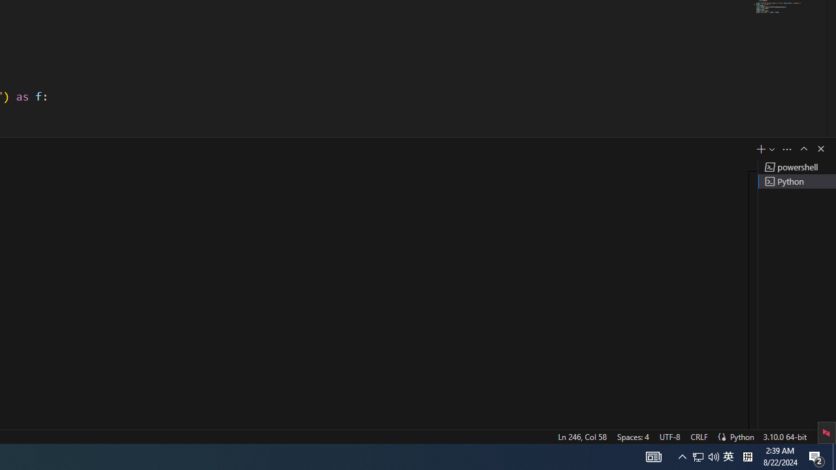 The height and width of the screenshot is (470, 836). What do you see at coordinates (796, 166) in the screenshot?
I see `'Terminal 1 powershell'` at bounding box center [796, 166].